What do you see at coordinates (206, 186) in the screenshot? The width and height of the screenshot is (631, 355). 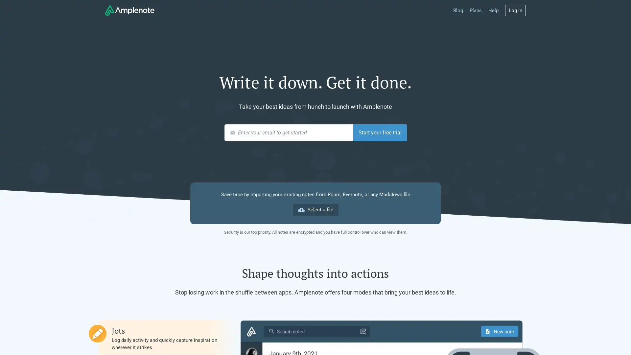 I see `Choose File` at bounding box center [206, 186].